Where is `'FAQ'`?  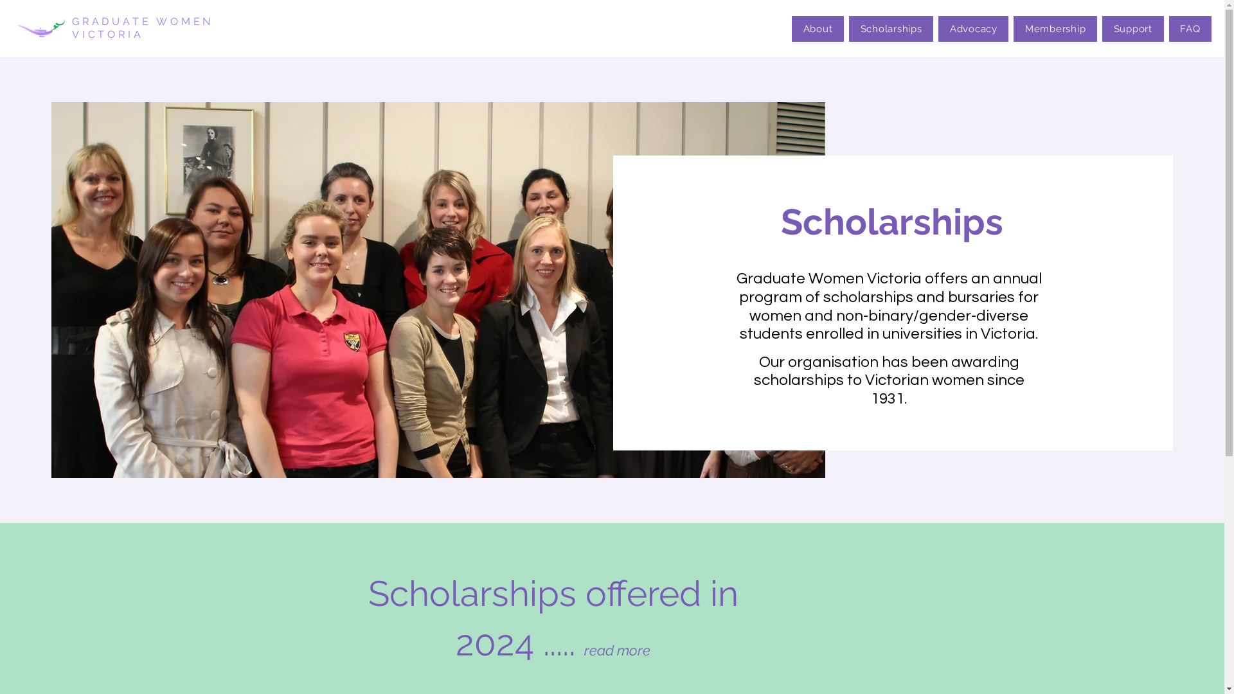
'FAQ' is located at coordinates (1190, 29).